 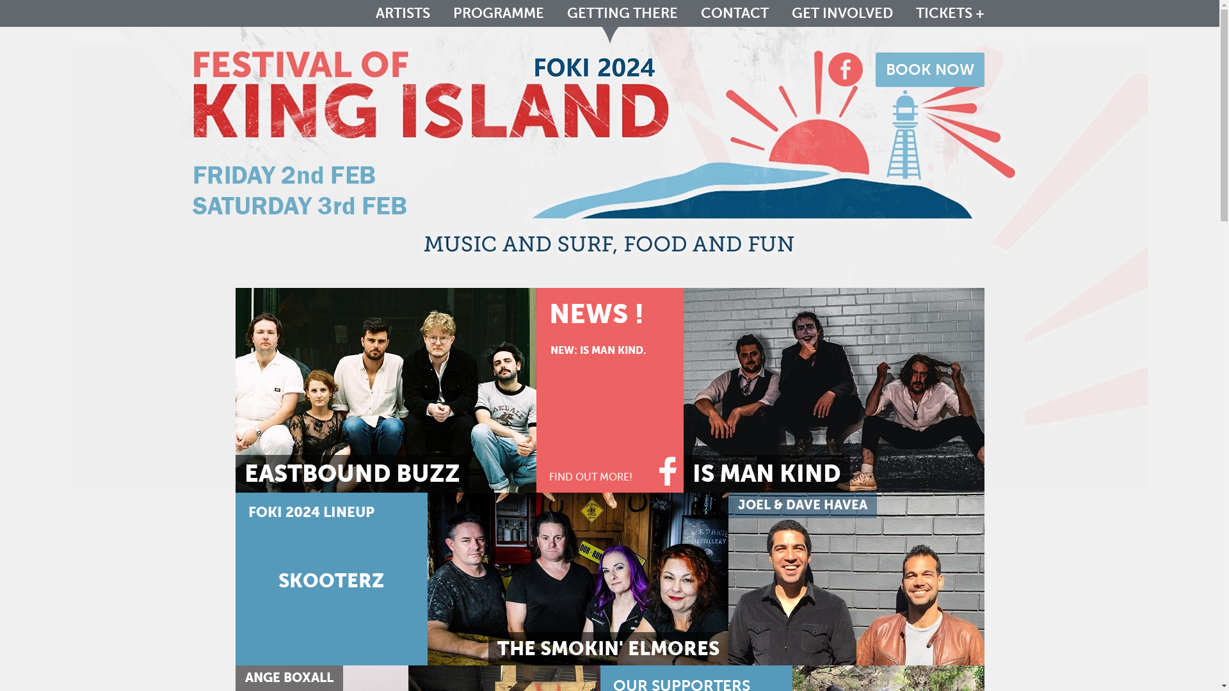 What do you see at coordinates (497, 13) in the screenshot?
I see `'PROGRAMME'` at bounding box center [497, 13].